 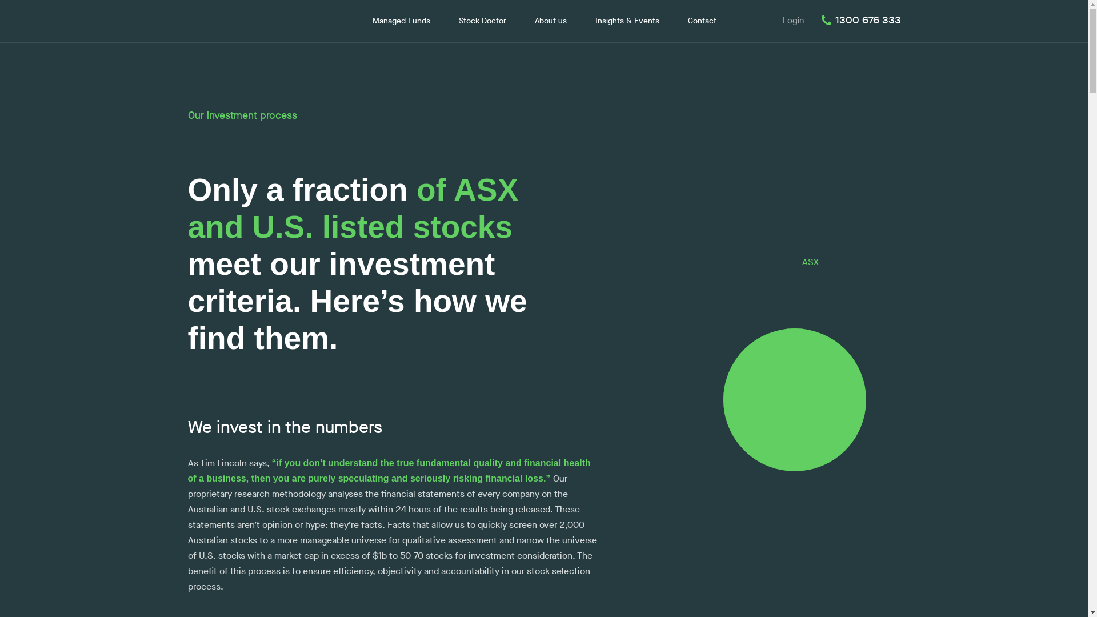 I want to click on '1300 676 333', so click(x=859, y=21).